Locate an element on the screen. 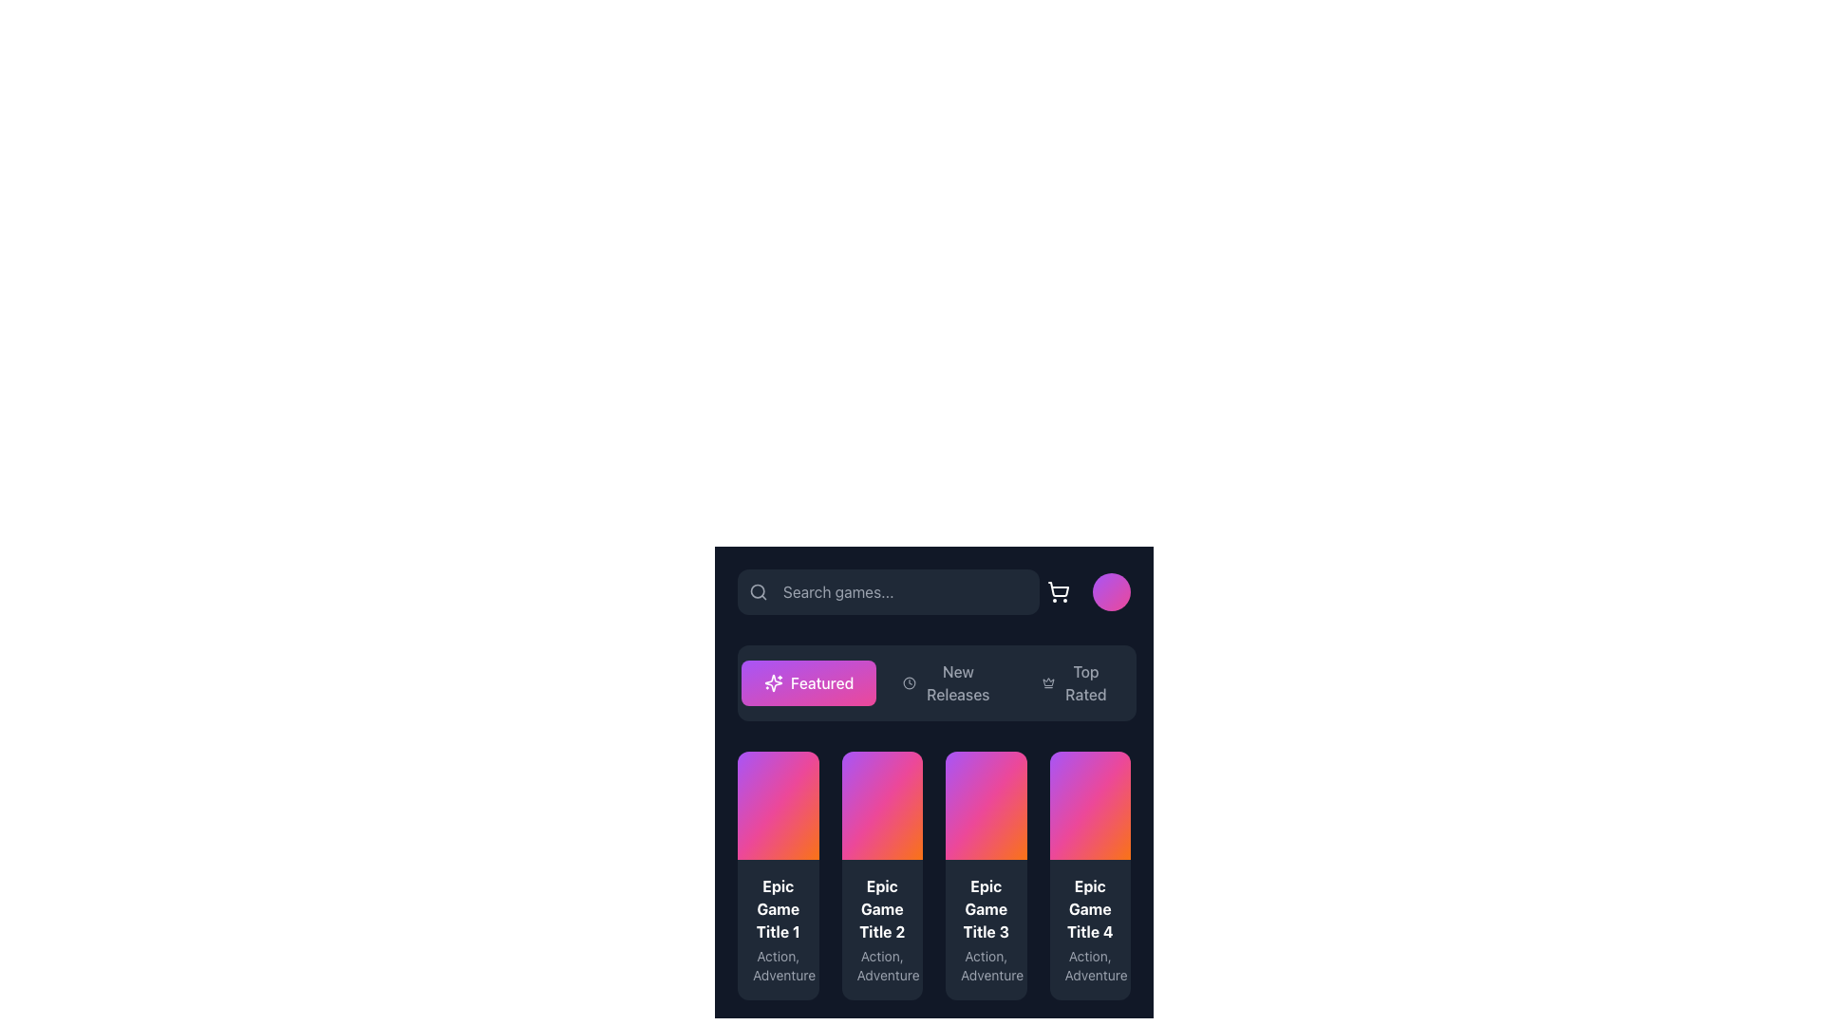 This screenshot has width=1823, height=1025. the bold text label displaying 'Epic Game Title 2' in white on a dark background, located at the top of the second card from the left is located at coordinates (881, 907).